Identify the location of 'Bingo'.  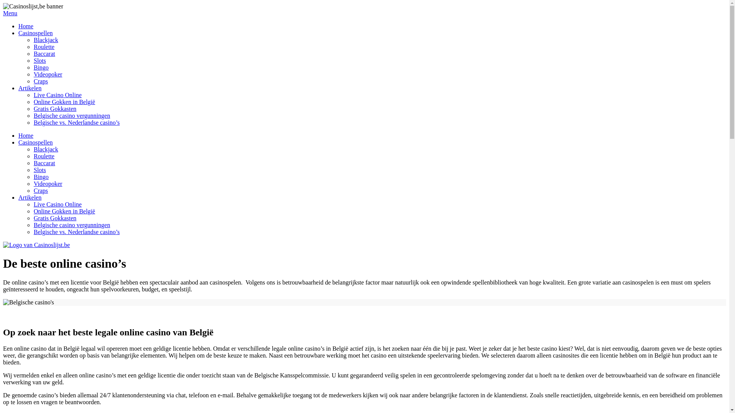
(41, 177).